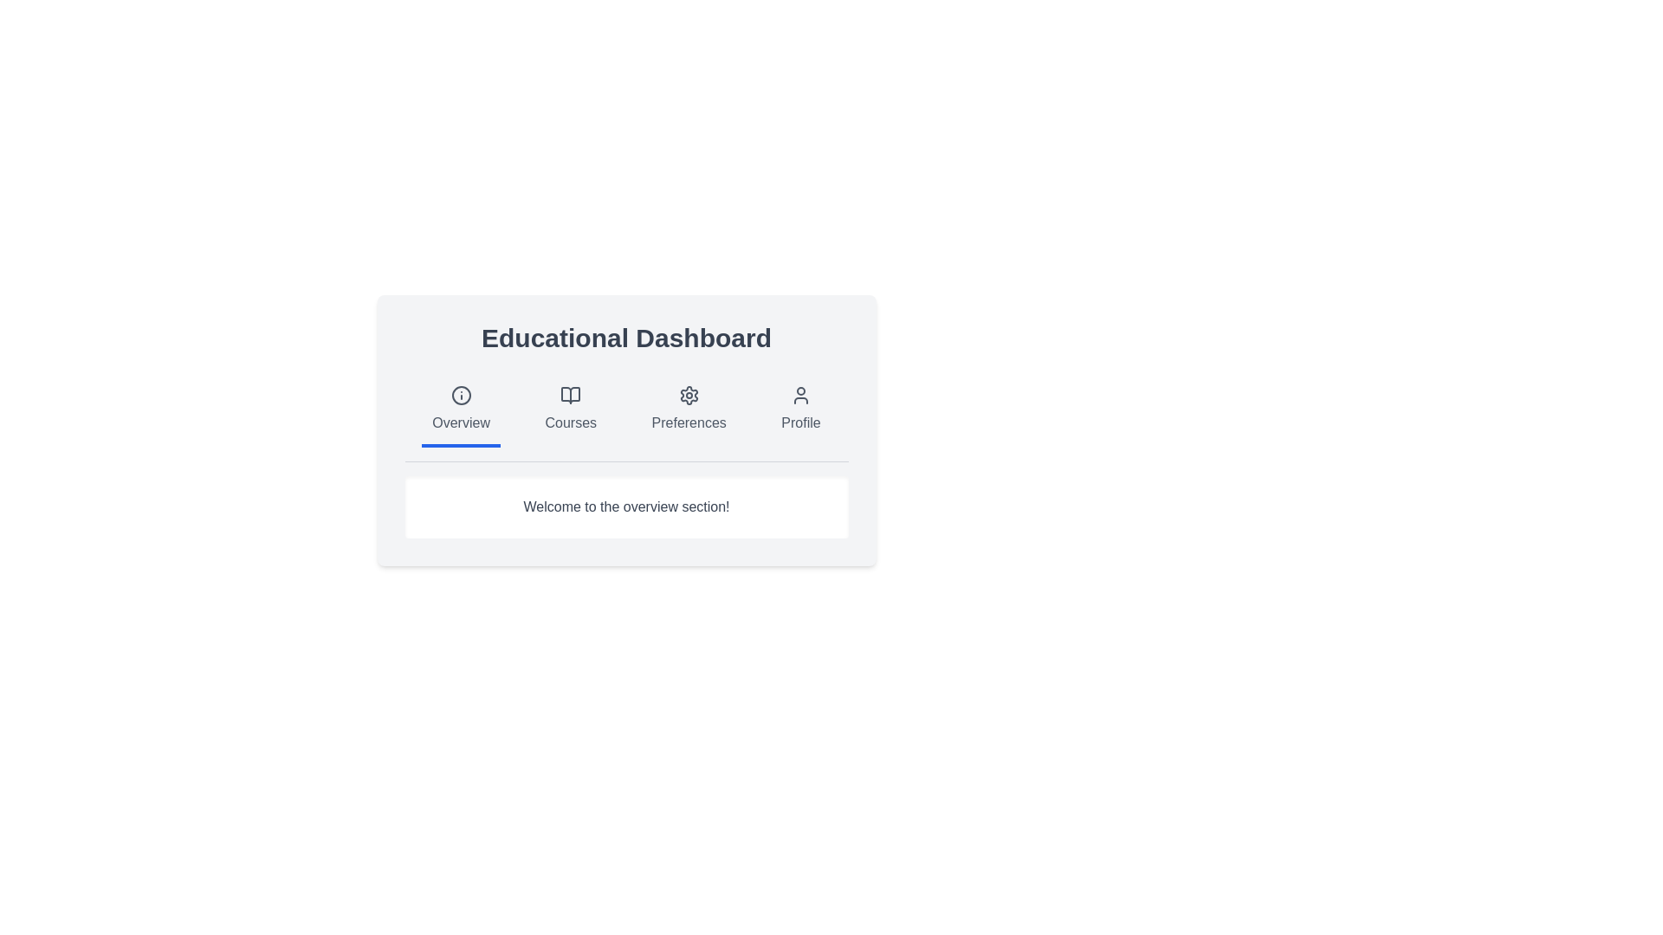  Describe the element at coordinates (688, 423) in the screenshot. I see `the Text Label that describes the Preferences section in the navigation bar, located under the third icon from the left` at that location.